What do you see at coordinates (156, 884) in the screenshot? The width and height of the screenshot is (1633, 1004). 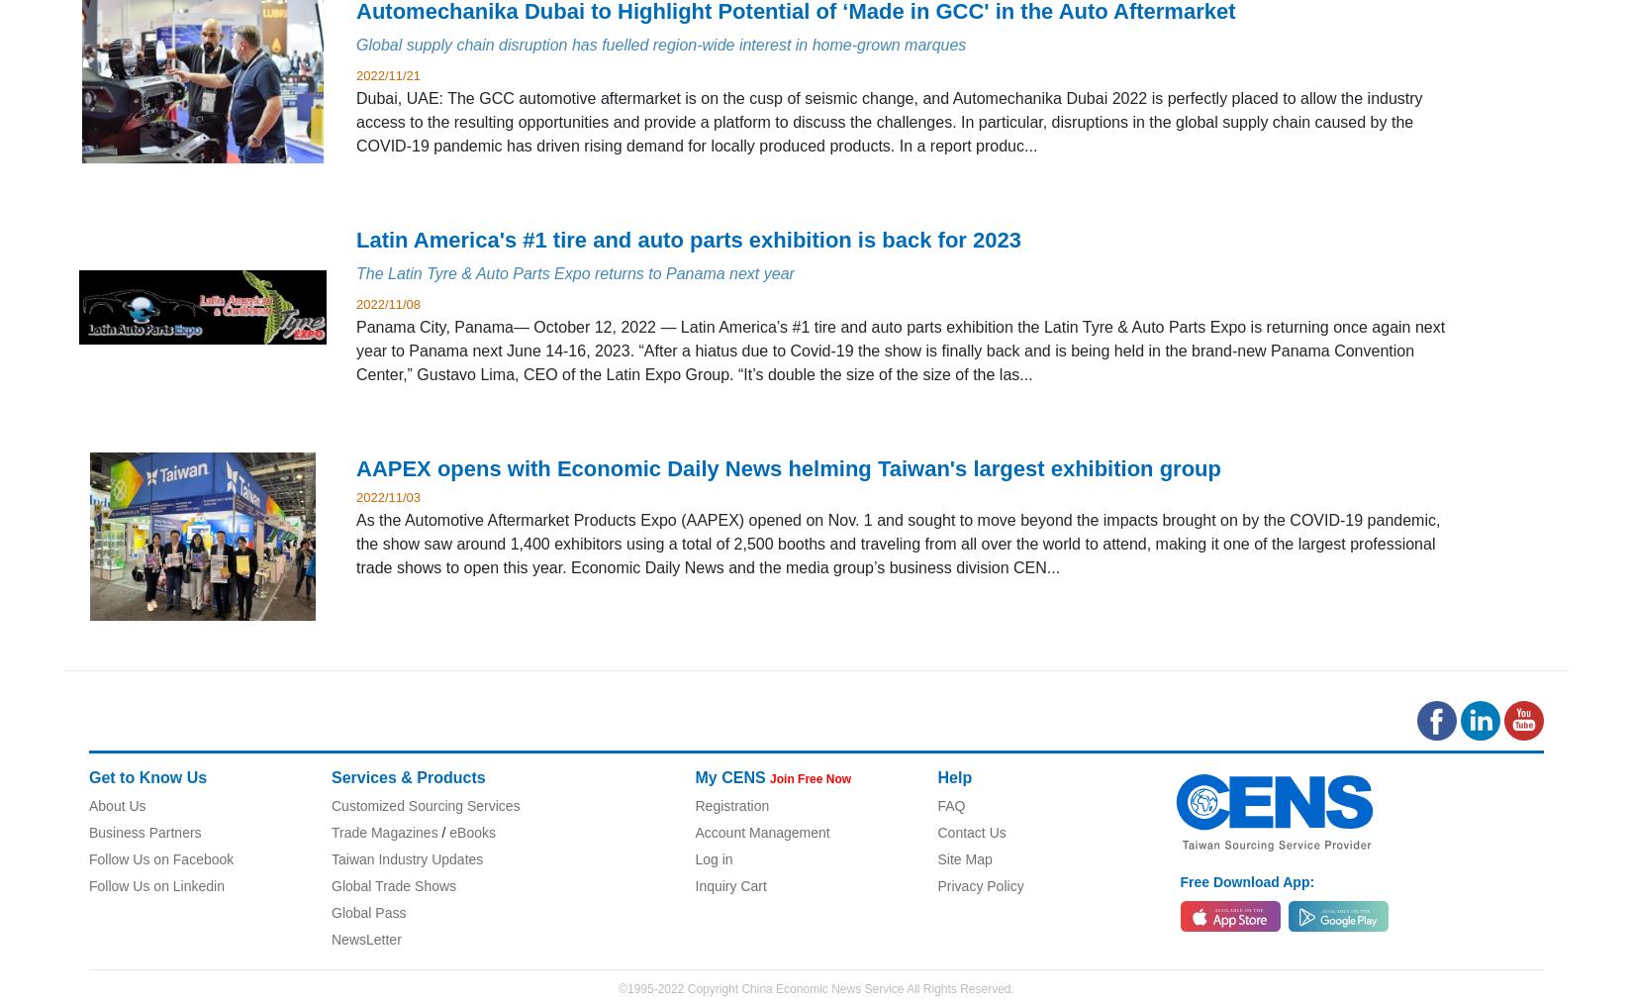 I see `'Follow Us on Linkedin'` at bounding box center [156, 884].